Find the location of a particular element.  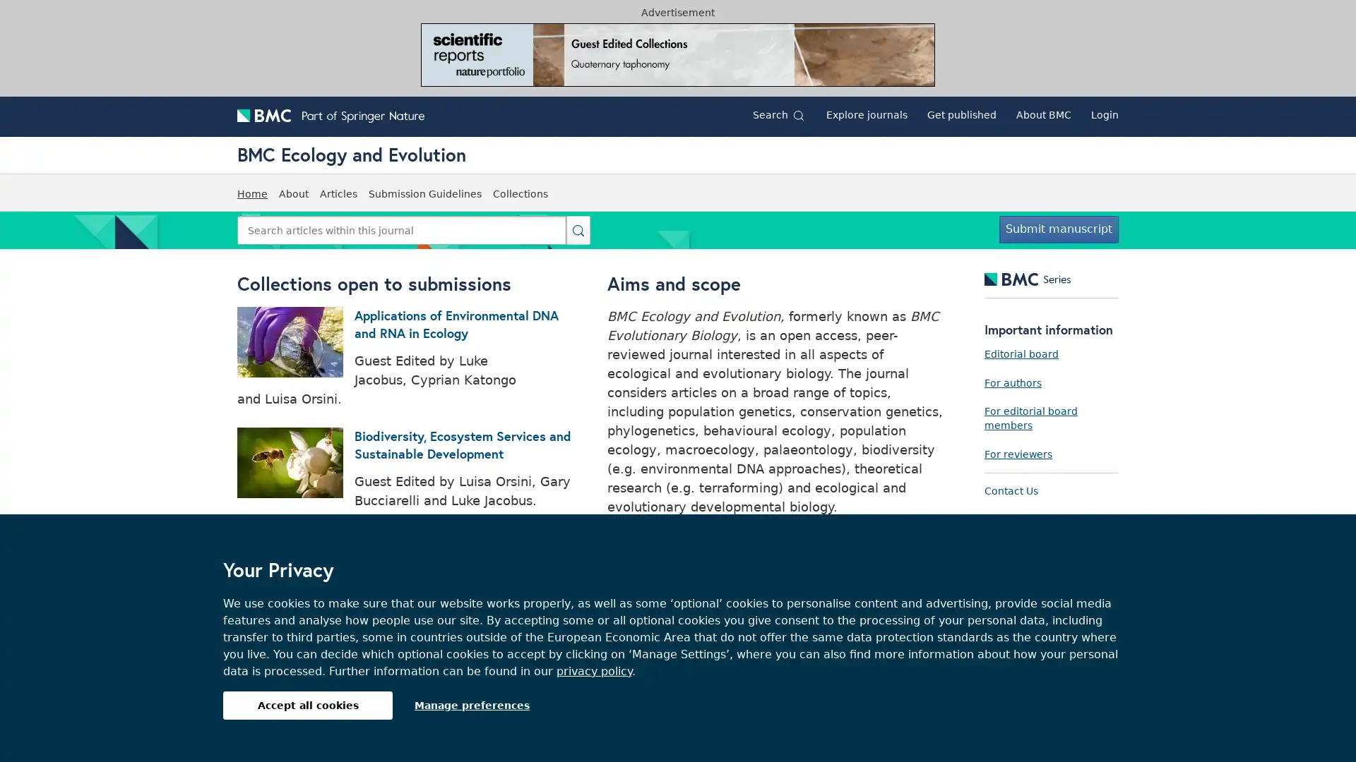

Accept all cookies is located at coordinates (307, 705).